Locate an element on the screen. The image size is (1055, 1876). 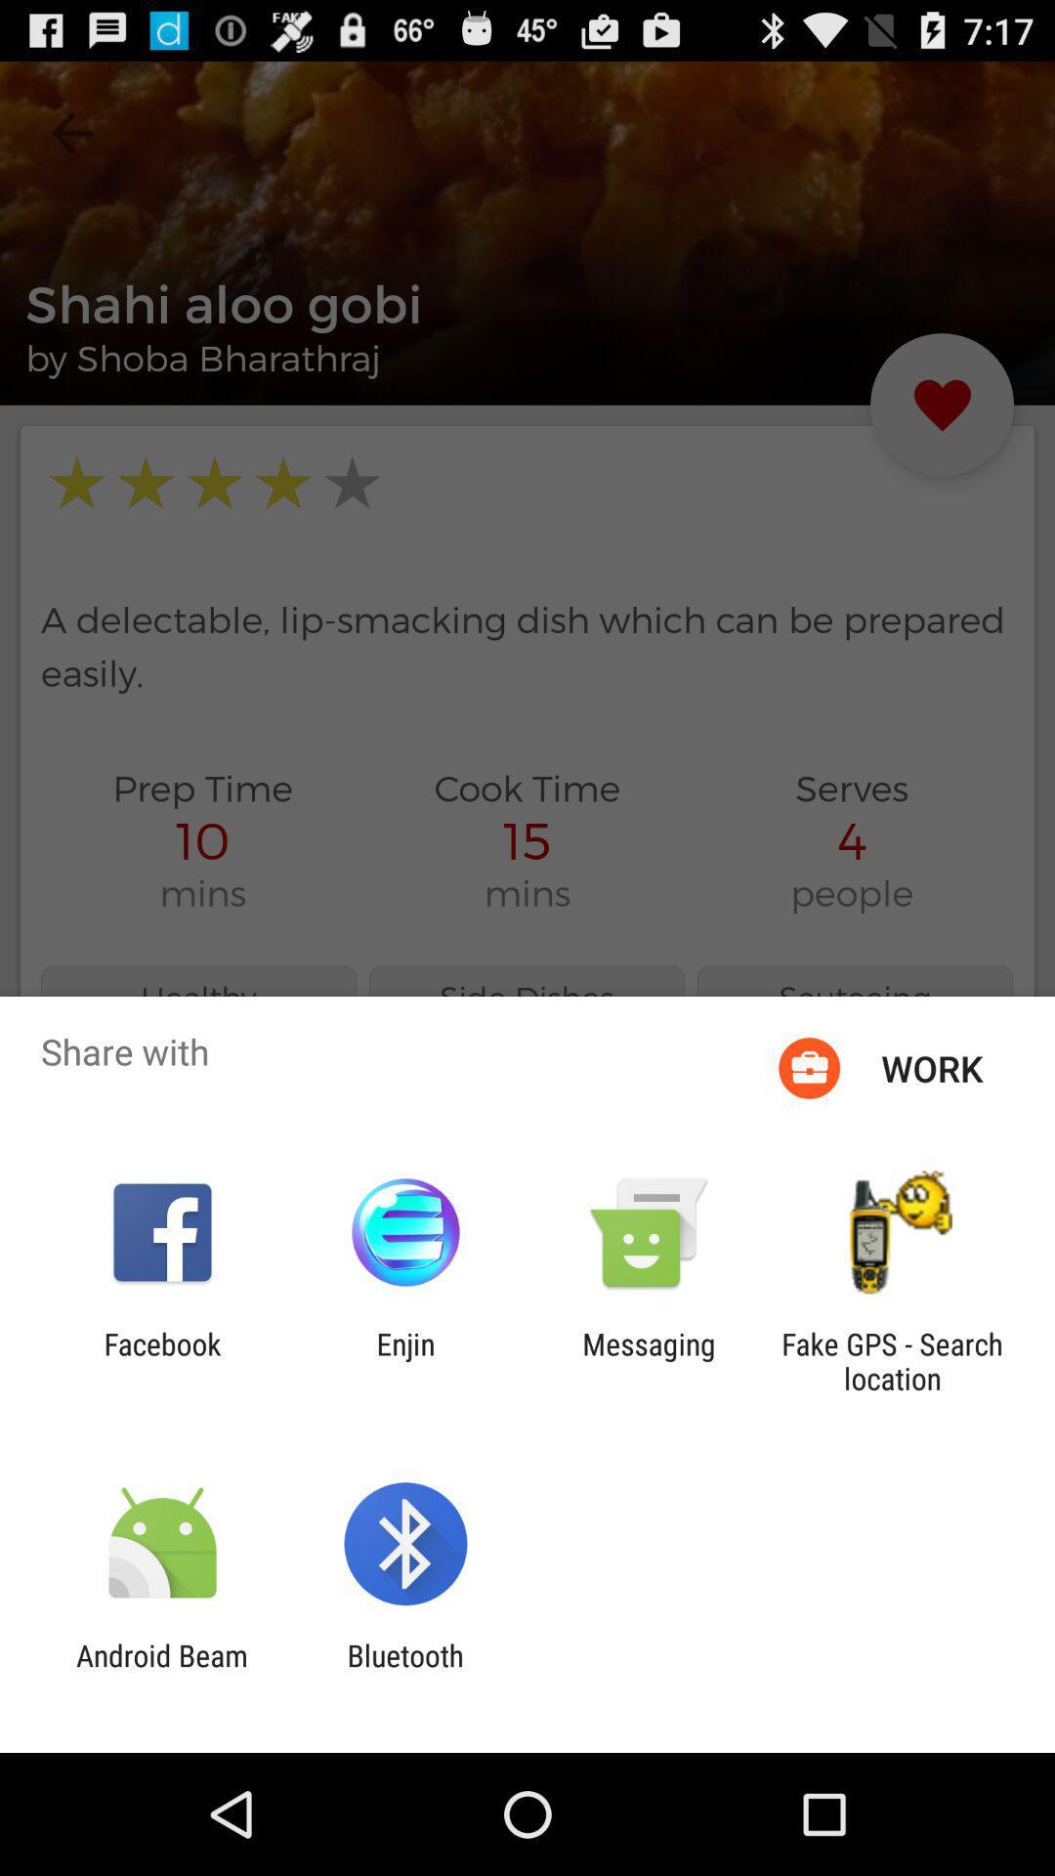
android beam app is located at coordinates (161, 1672).